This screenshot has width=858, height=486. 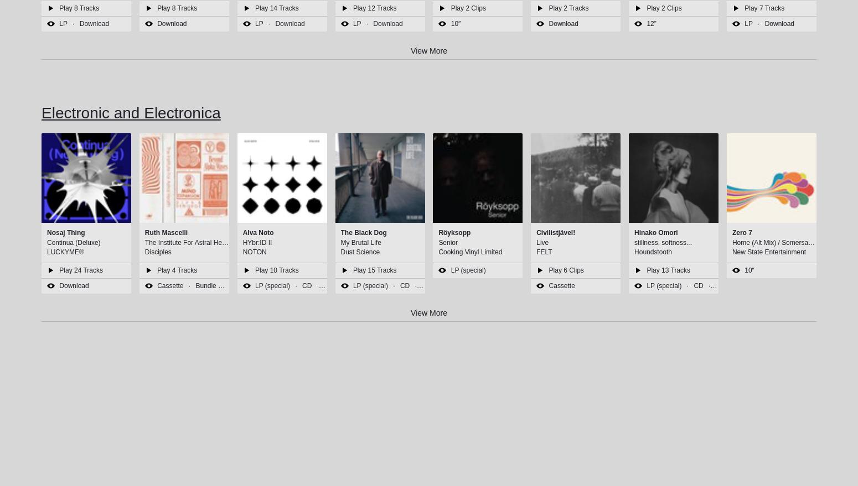 I want to click on 'Dust Science', so click(x=359, y=251).